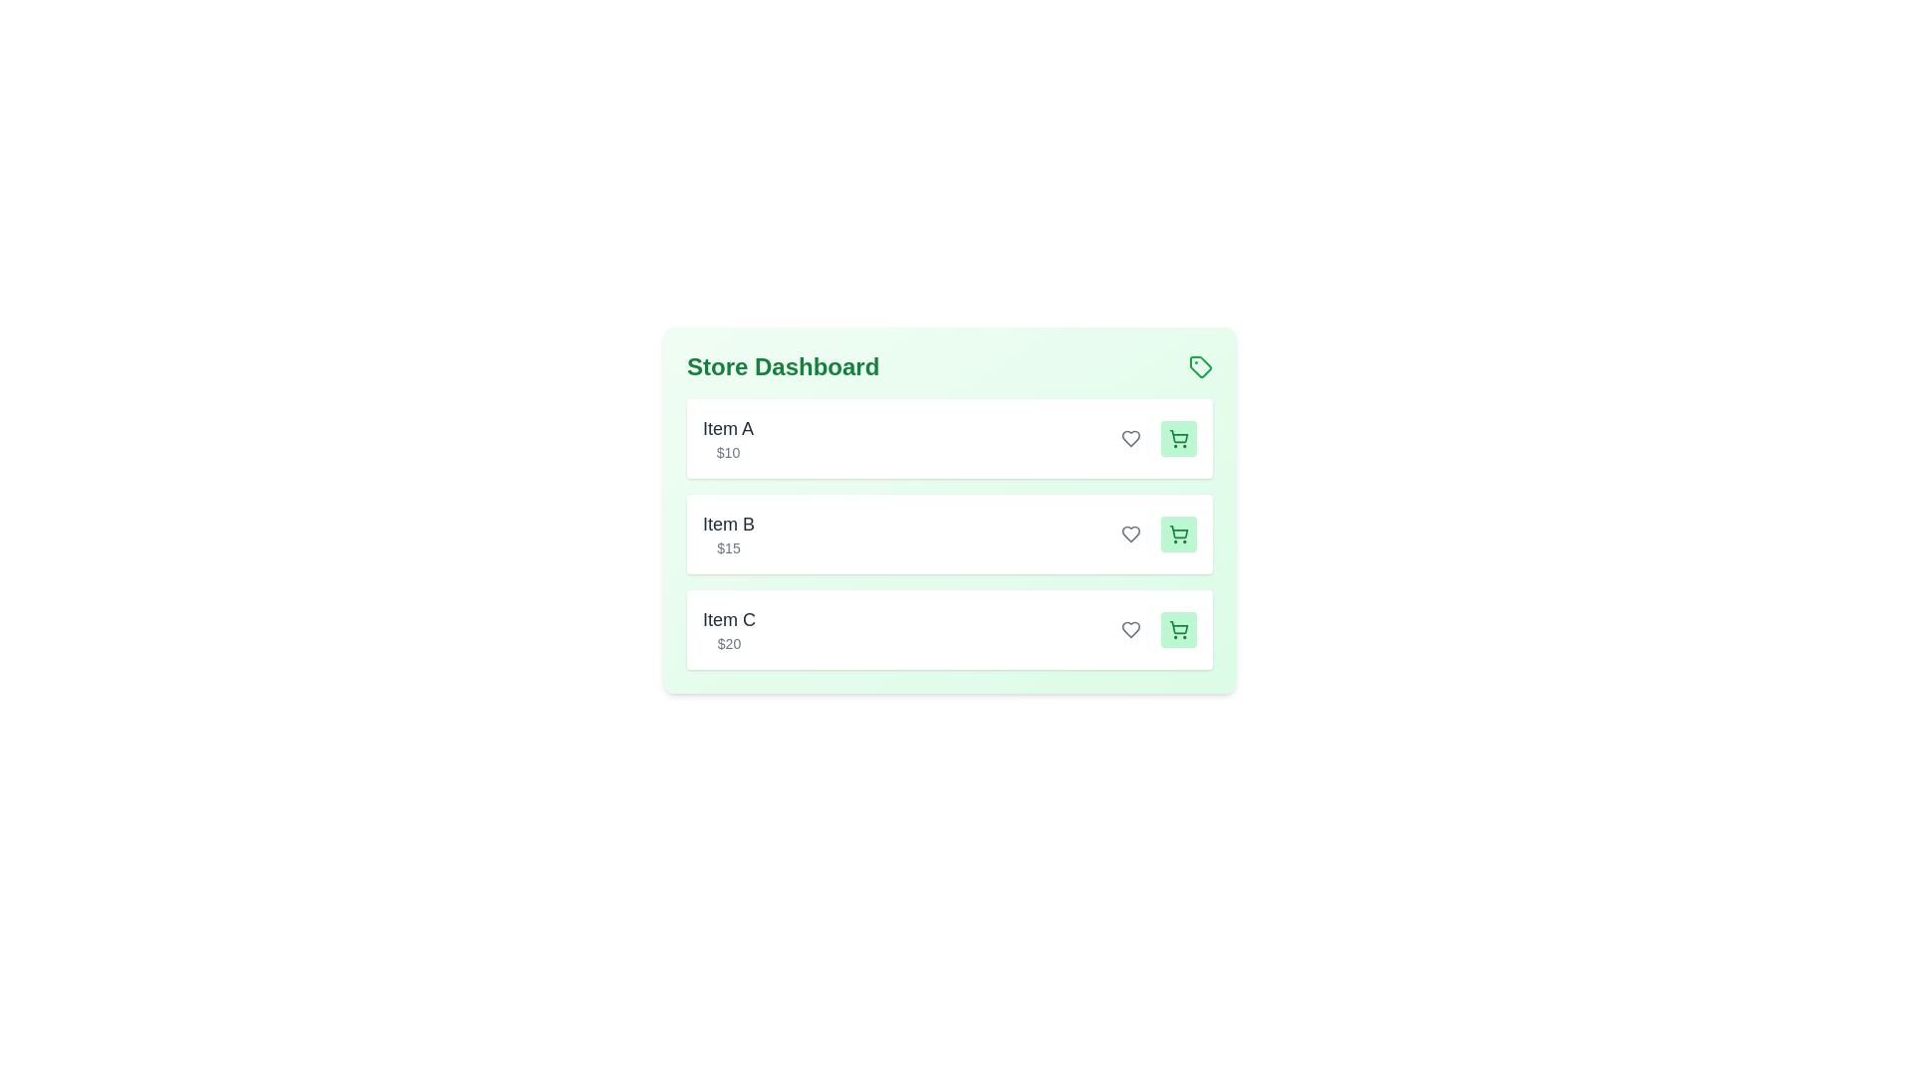 The width and height of the screenshot is (1912, 1075). I want to click on the text label displaying the value '$10', which is styled in a smaller grey font and positioned below the 'Item A' label within the dashboard card, so click(727, 453).